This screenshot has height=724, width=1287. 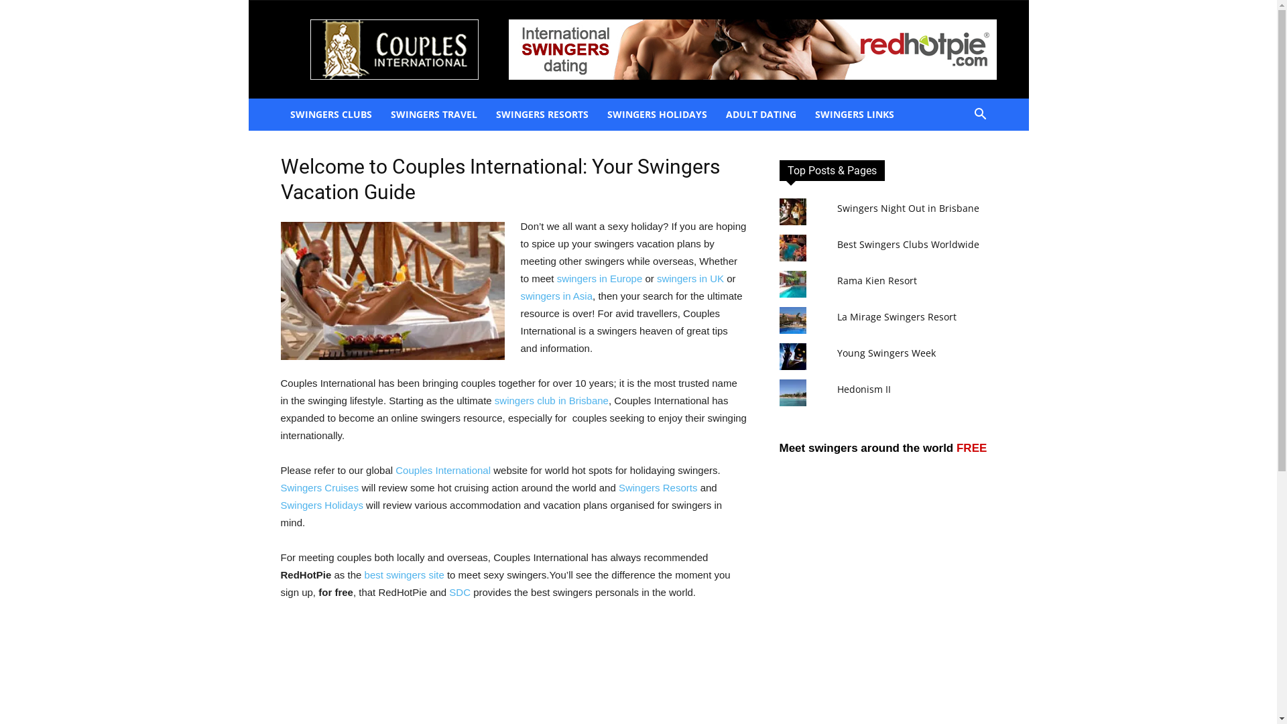 What do you see at coordinates (279, 487) in the screenshot?
I see `'Swingers Cruises'` at bounding box center [279, 487].